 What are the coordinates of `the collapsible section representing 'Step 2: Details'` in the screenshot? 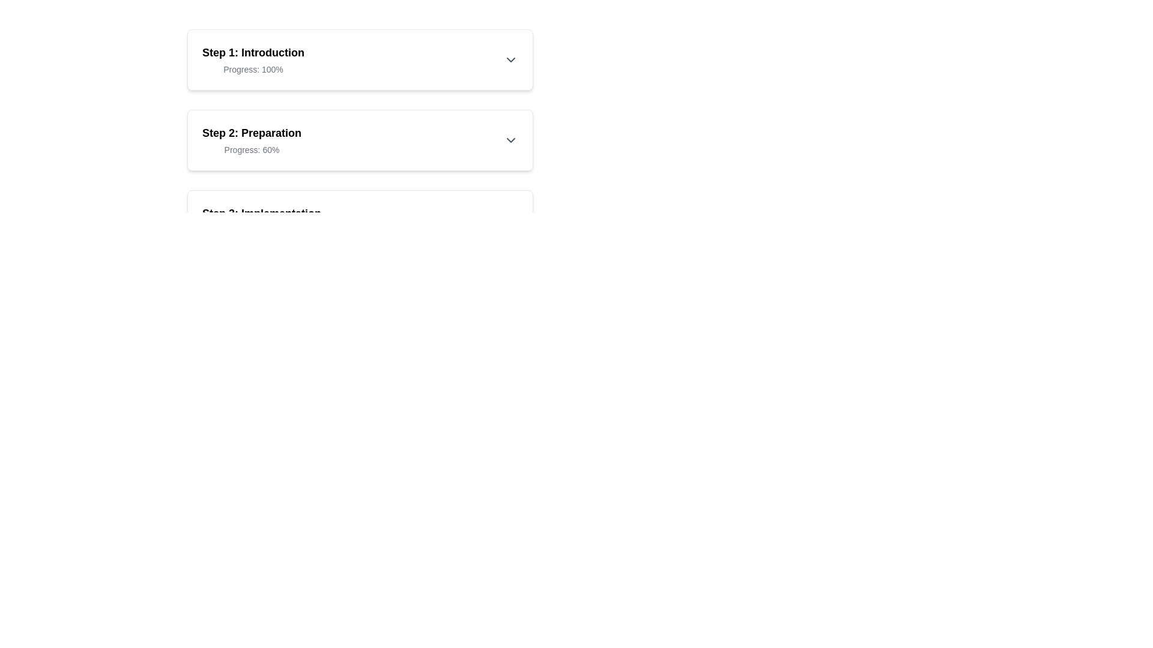 It's located at (360, 140).